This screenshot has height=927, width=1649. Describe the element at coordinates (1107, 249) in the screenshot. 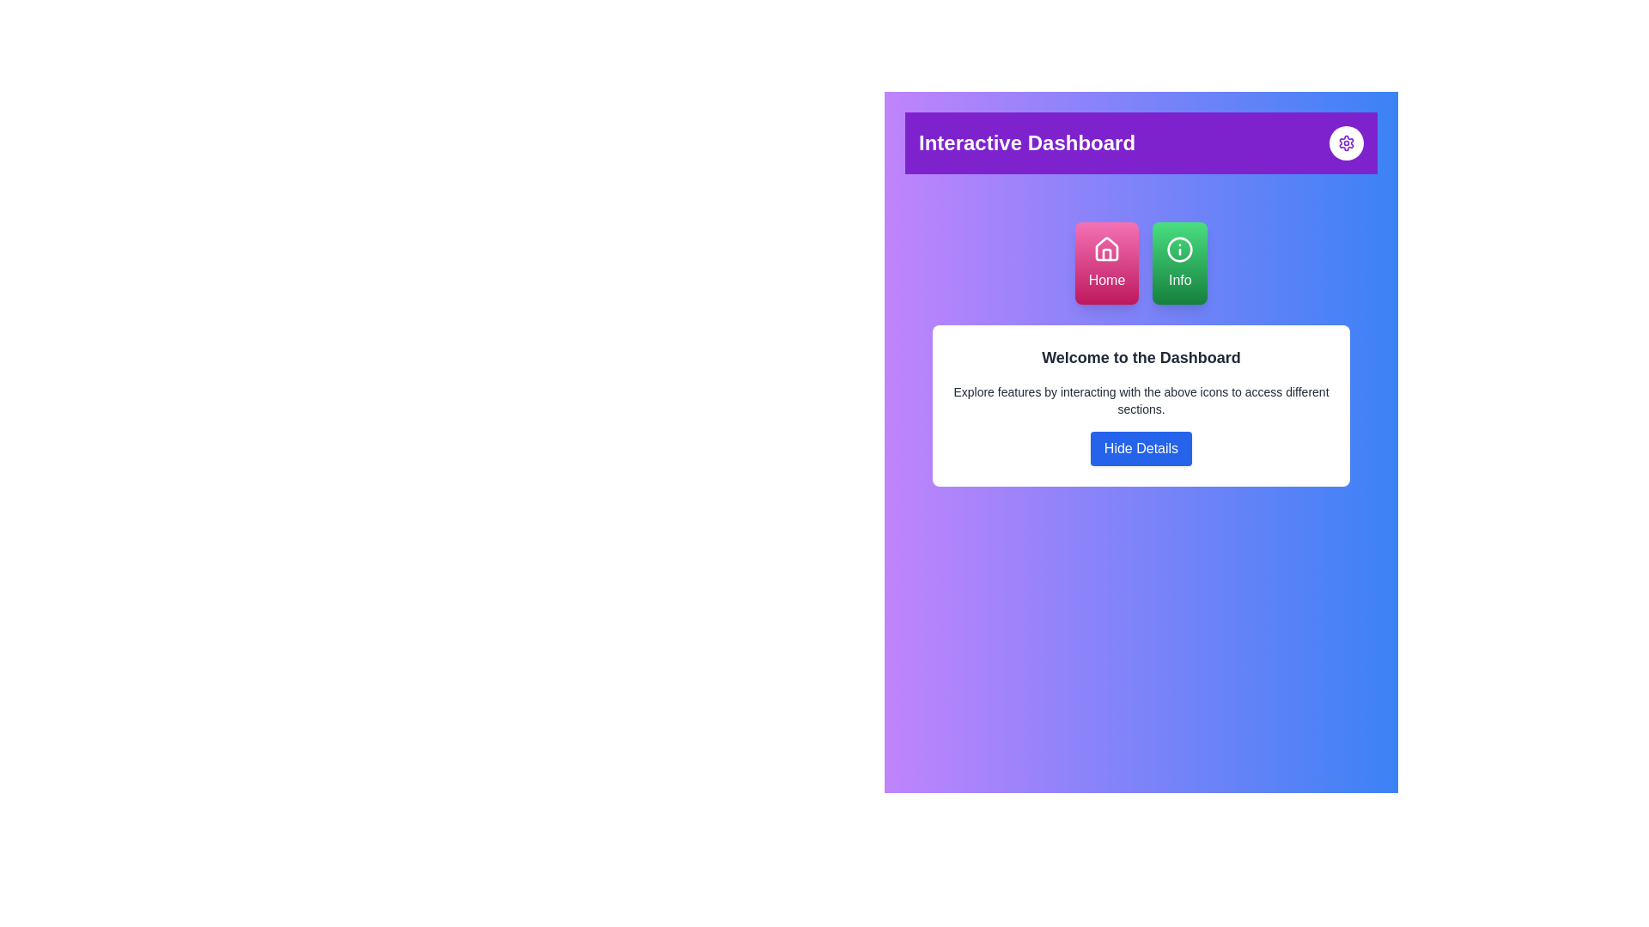

I see `the house icon located at the top of the pink 'Home' button within the interactive dashboard layout` at that location.